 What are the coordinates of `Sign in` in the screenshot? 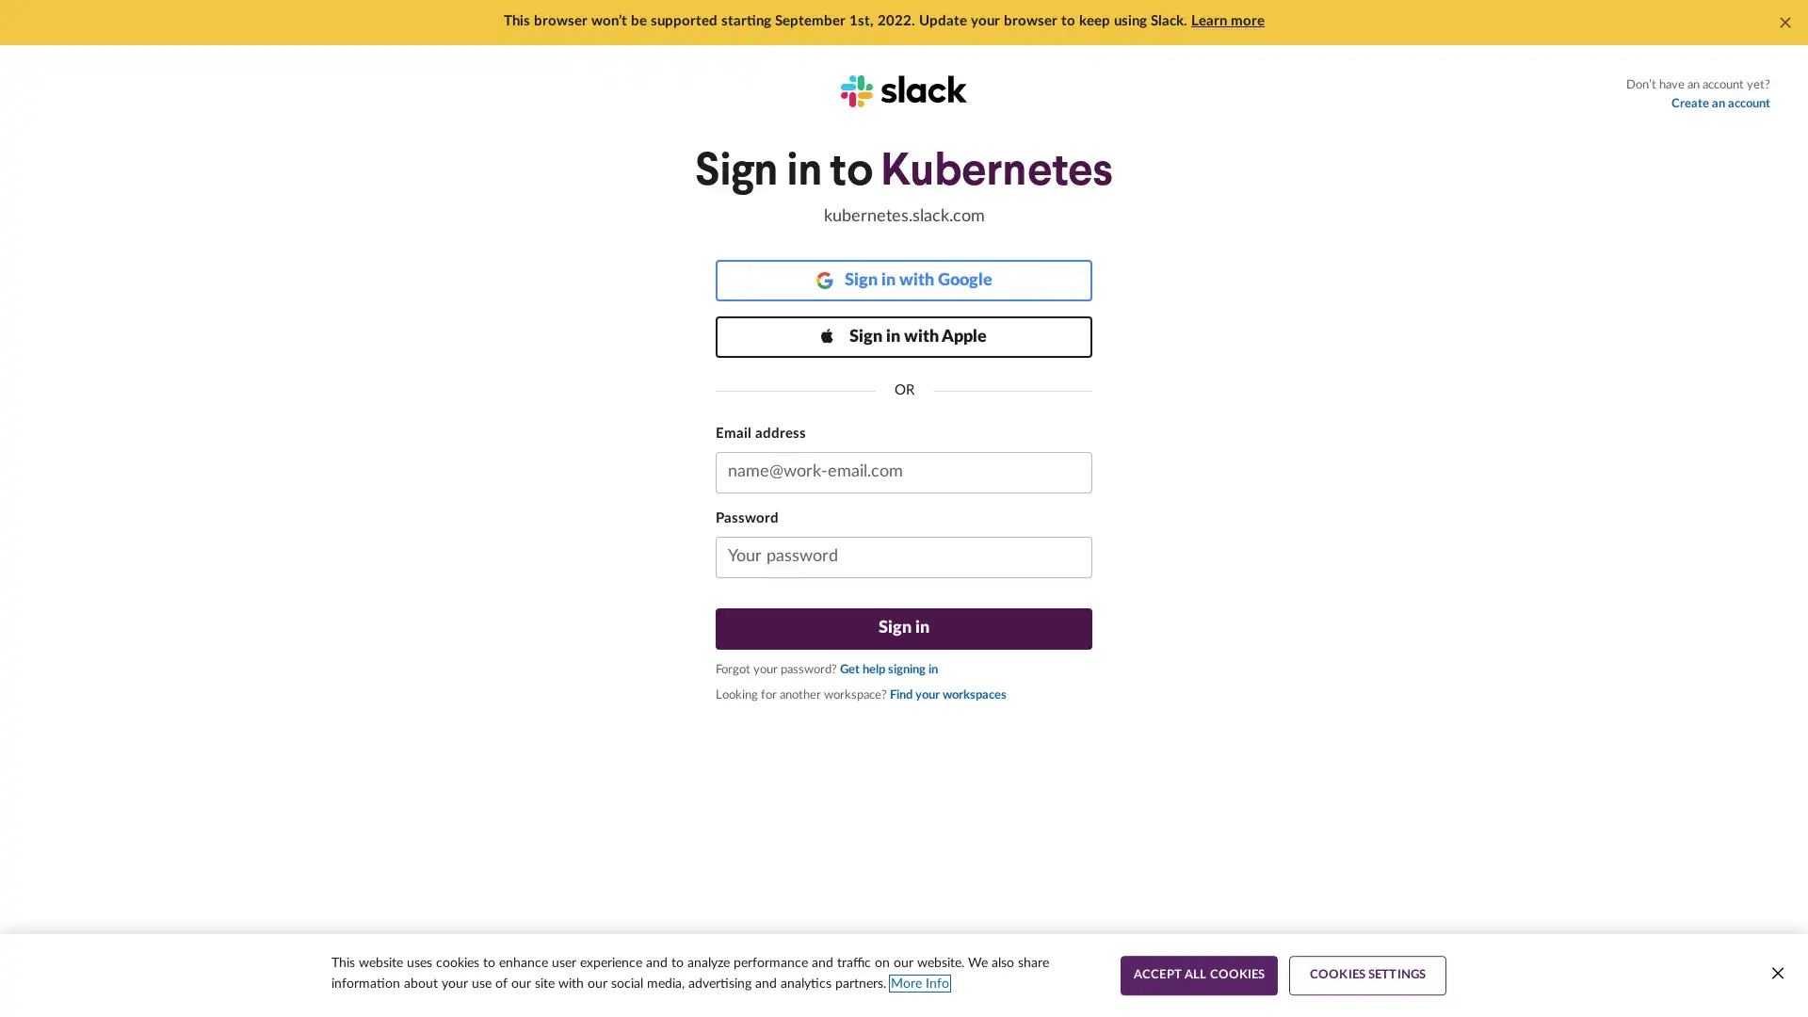 It's located at (904, 628).